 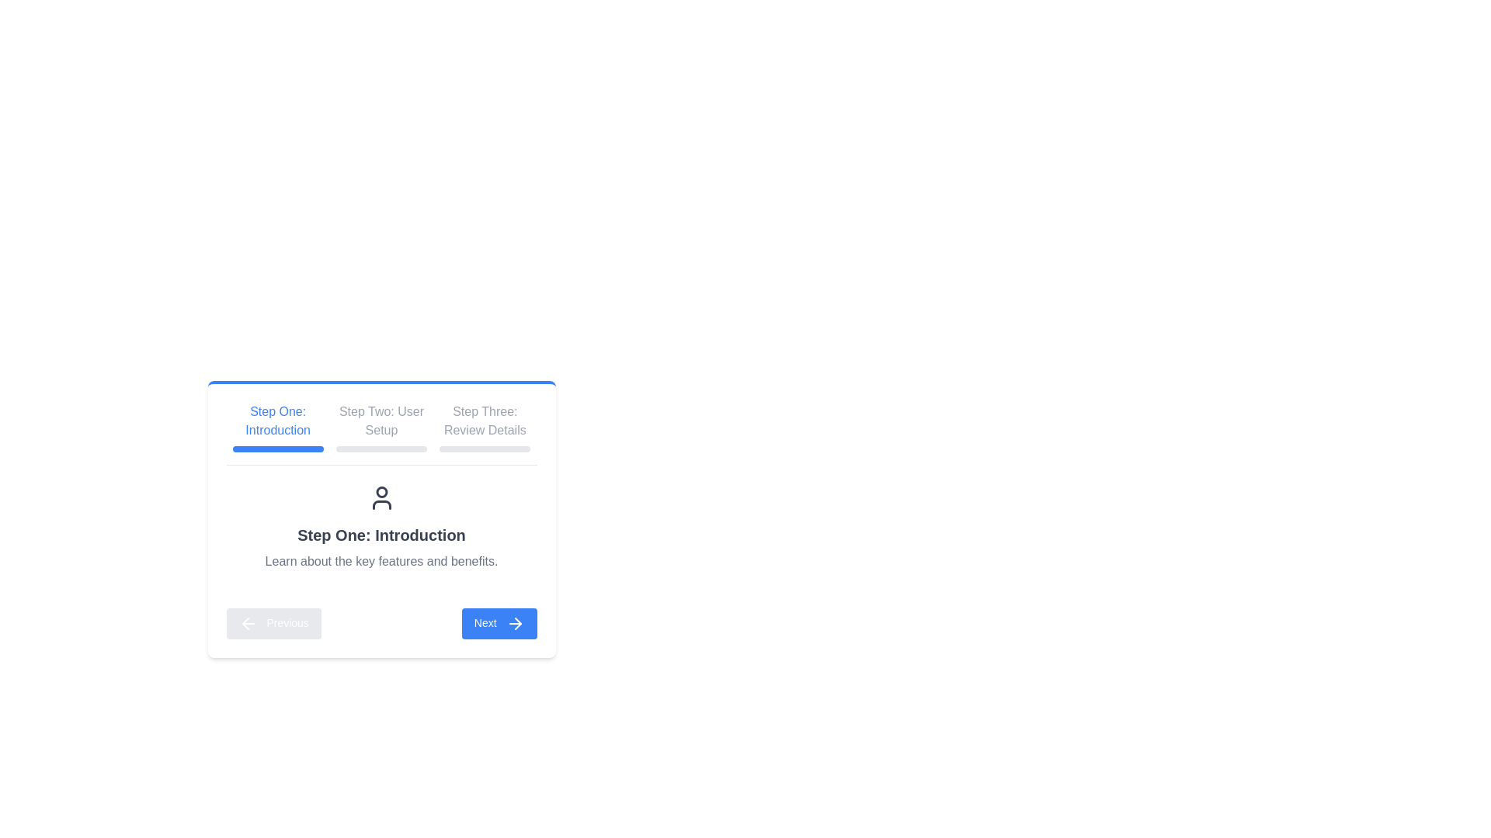 What do you see at coordinates (484, 428) in the screenshot?
I see `the 'Review Details' step in the progress bar` at bounding box center [484, 428].